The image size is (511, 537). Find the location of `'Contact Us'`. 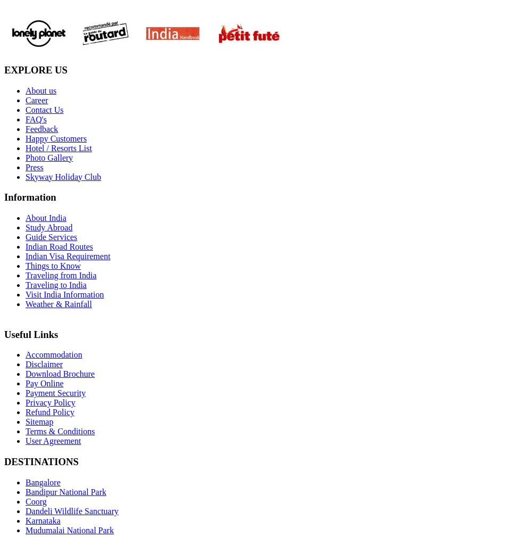

'Contact Us' is located at coordinates (44, 109).